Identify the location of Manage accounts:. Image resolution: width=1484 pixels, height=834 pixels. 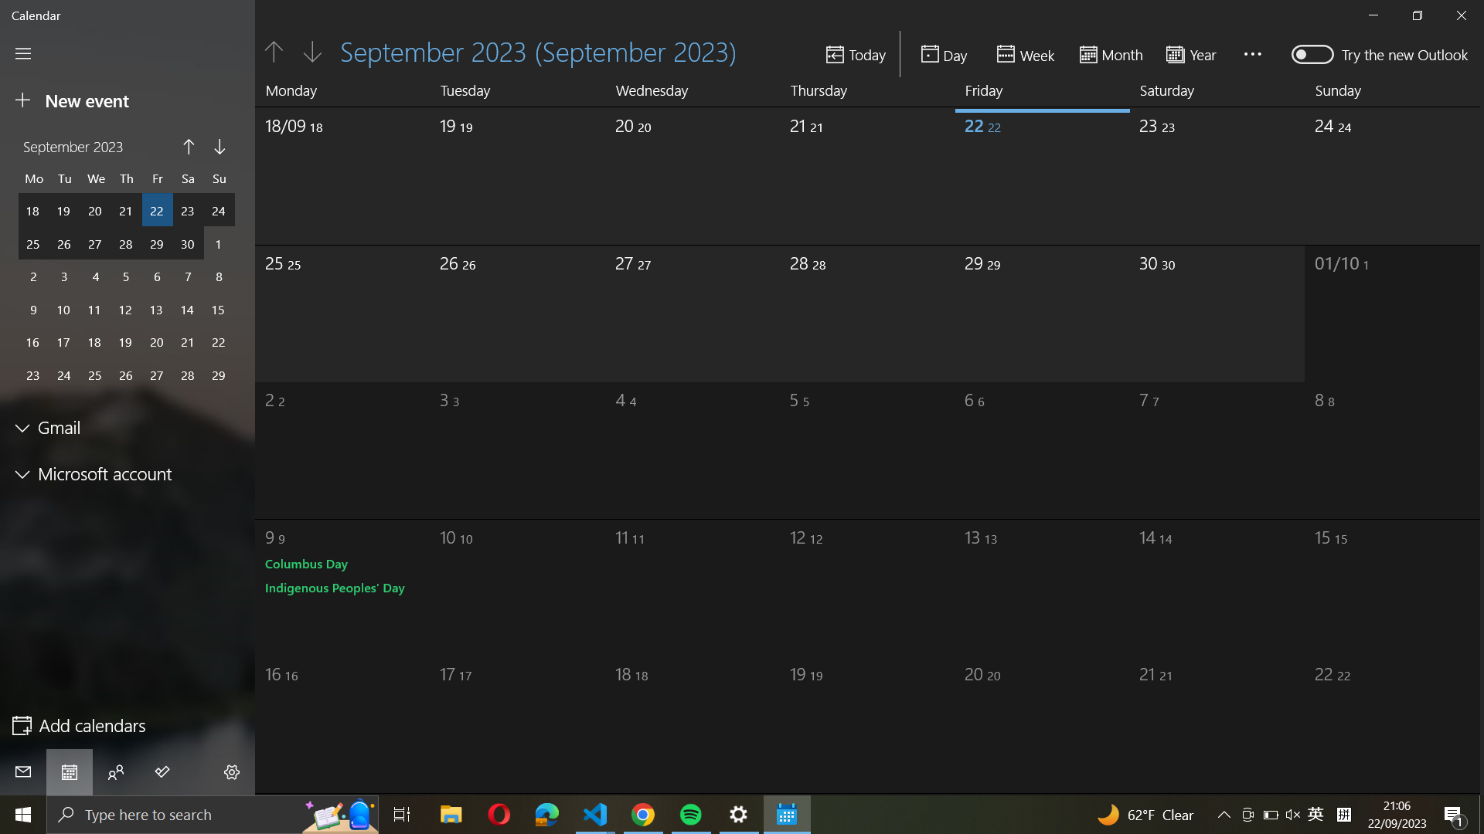
(232, 774).